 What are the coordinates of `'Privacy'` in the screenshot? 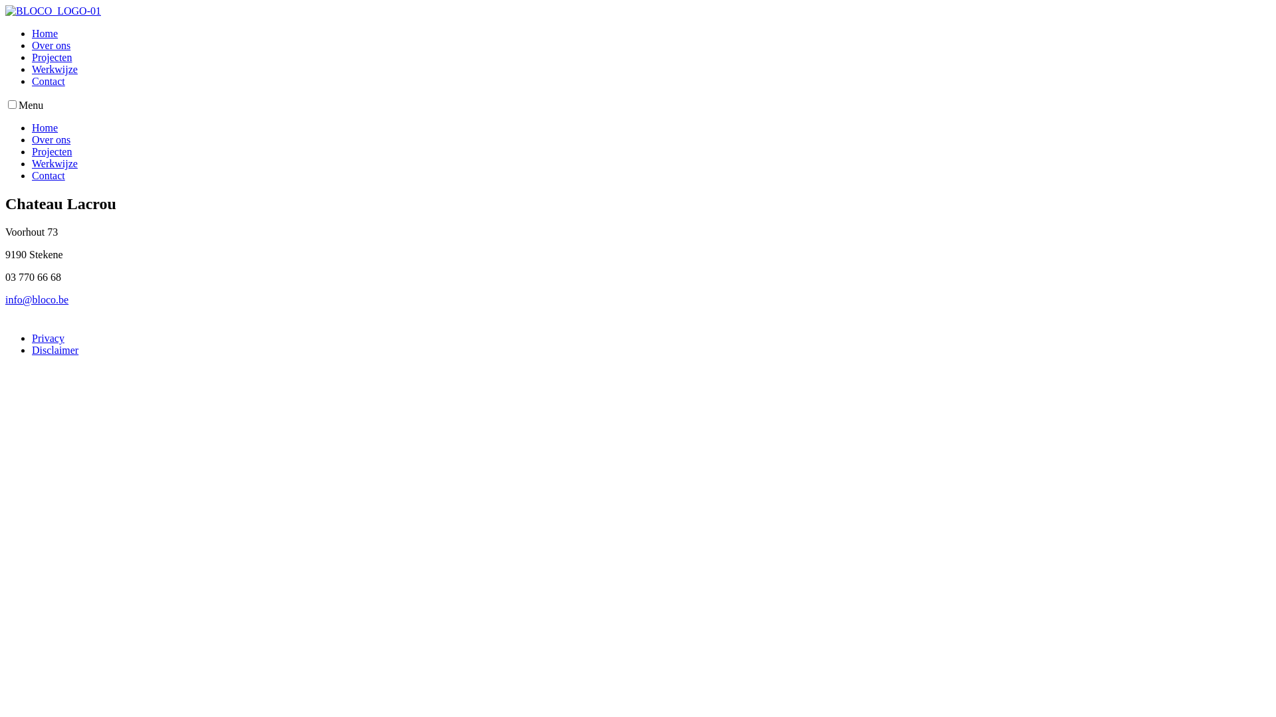 It's located at (48, 337).